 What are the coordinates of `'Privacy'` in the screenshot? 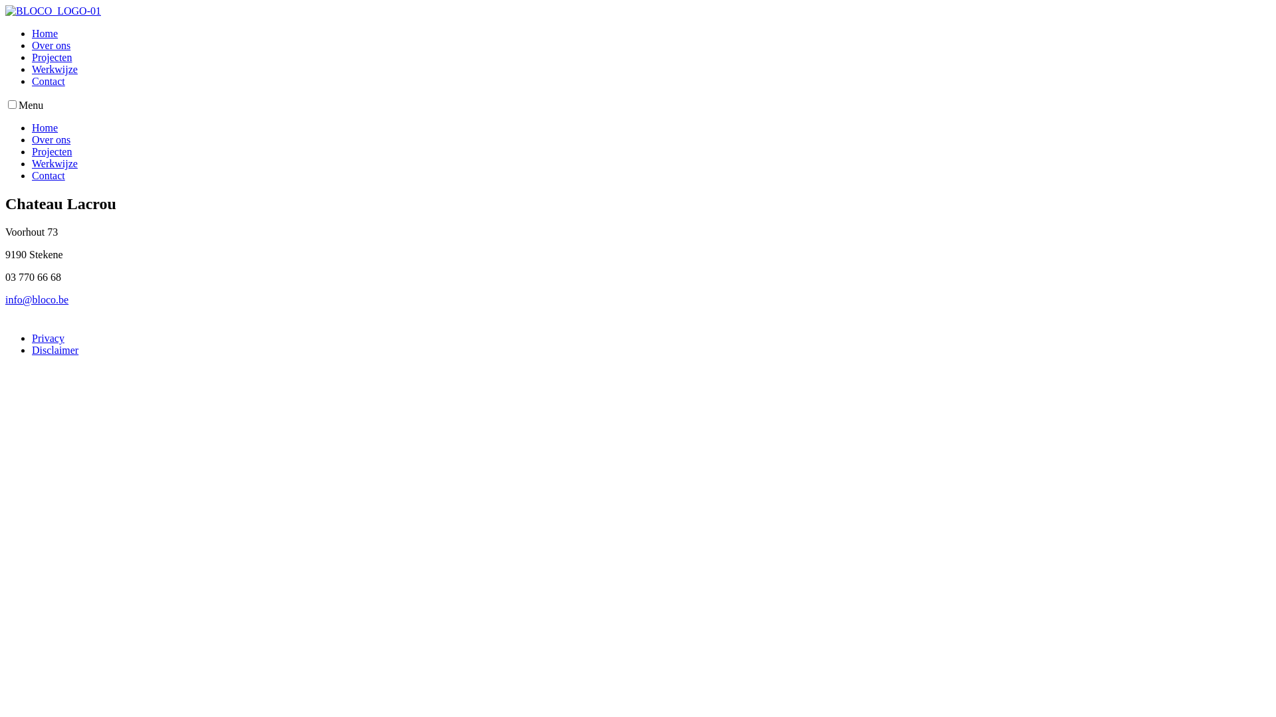 It's located at (48, 337).